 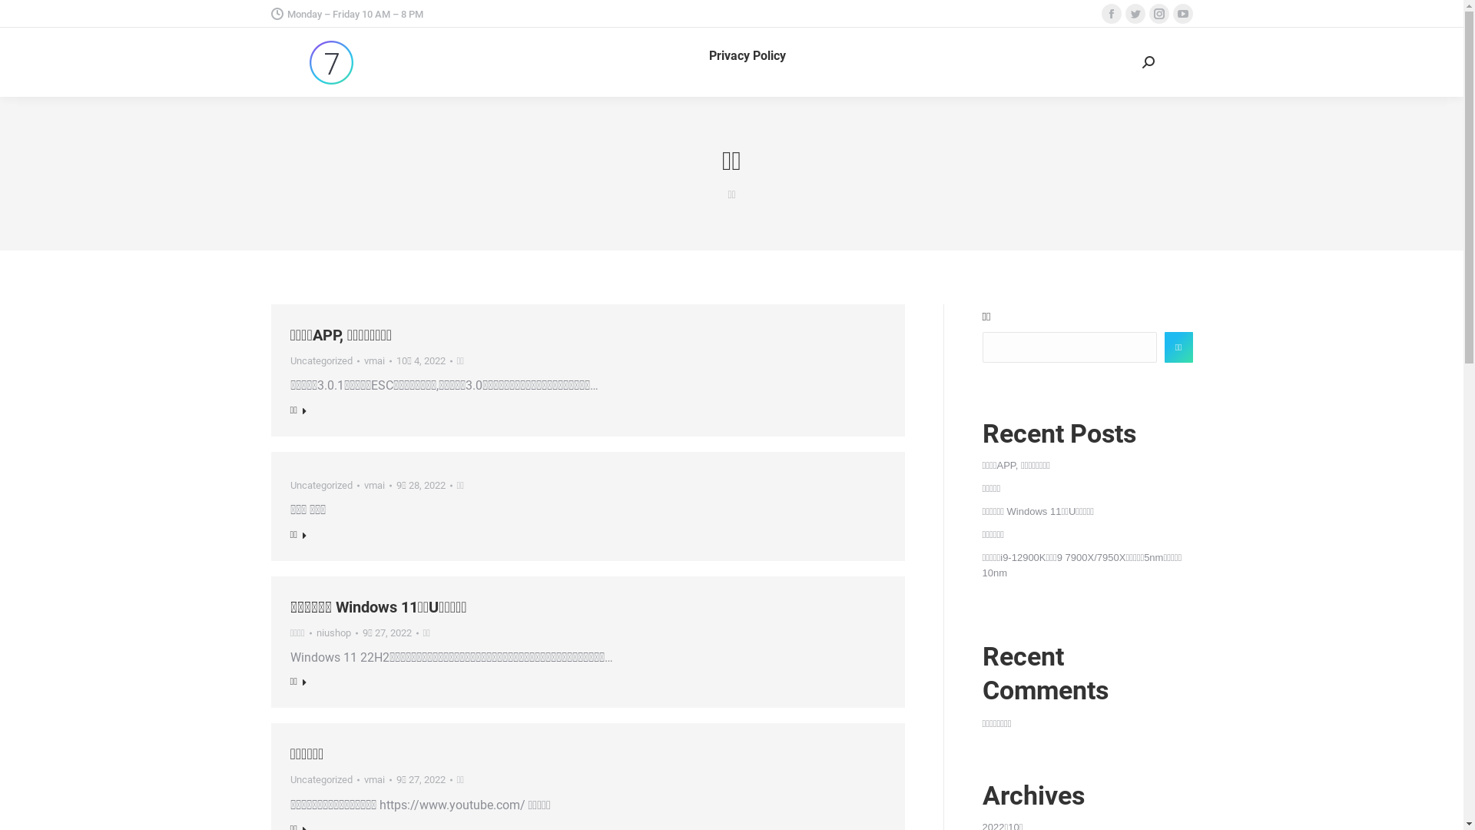 I want to click on 'Privacy Policy', so click(x=747, y=55).